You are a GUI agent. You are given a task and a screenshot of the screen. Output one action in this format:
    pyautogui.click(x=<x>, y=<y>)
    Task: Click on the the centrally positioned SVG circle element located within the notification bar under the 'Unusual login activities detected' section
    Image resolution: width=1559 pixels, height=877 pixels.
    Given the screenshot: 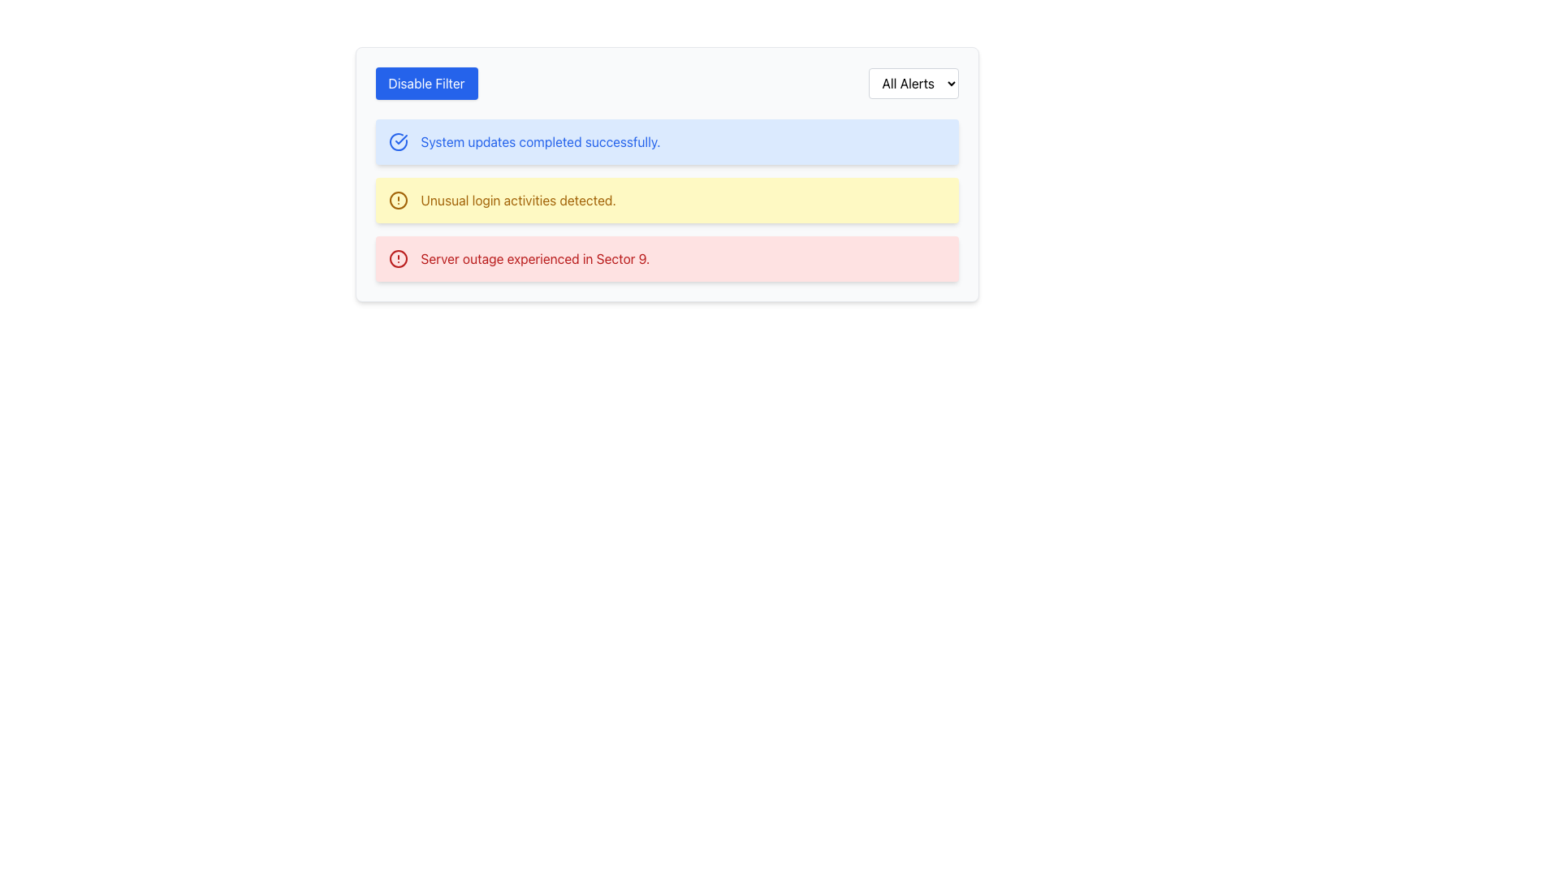 What is the action you would take?
    pyautogui.click(x=398, y=199)
    